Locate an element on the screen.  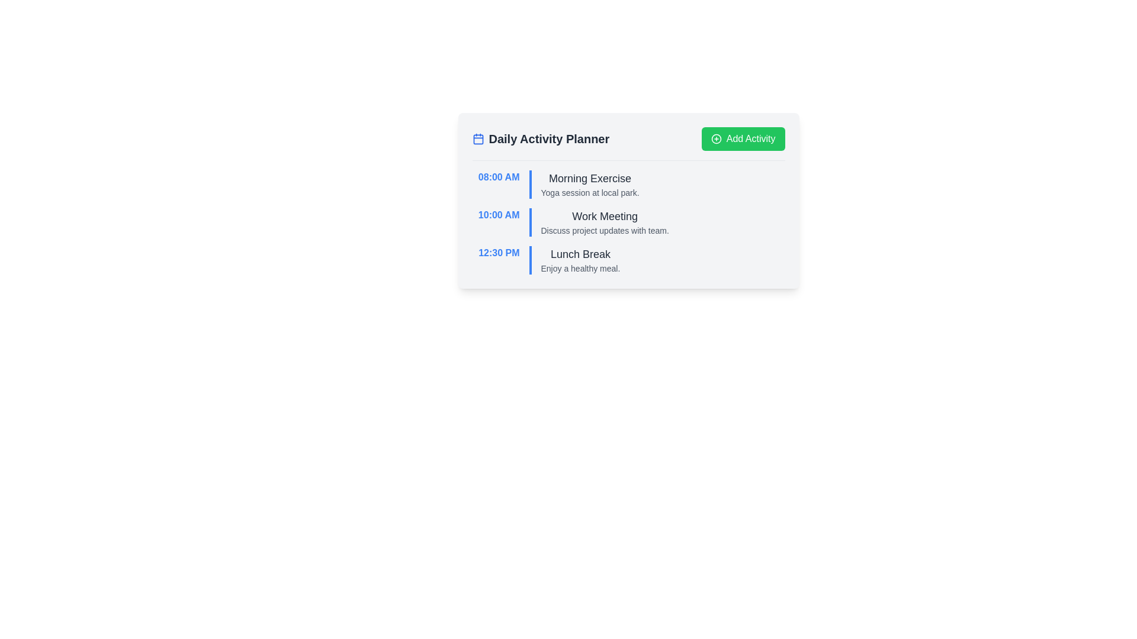
the text label displaying 'Morning Exercise' and 'Yoga session at local park.' which is styled with a vertical blue bar to the left and is located in the second column of a three-column list is located at coordinates (584, 185).